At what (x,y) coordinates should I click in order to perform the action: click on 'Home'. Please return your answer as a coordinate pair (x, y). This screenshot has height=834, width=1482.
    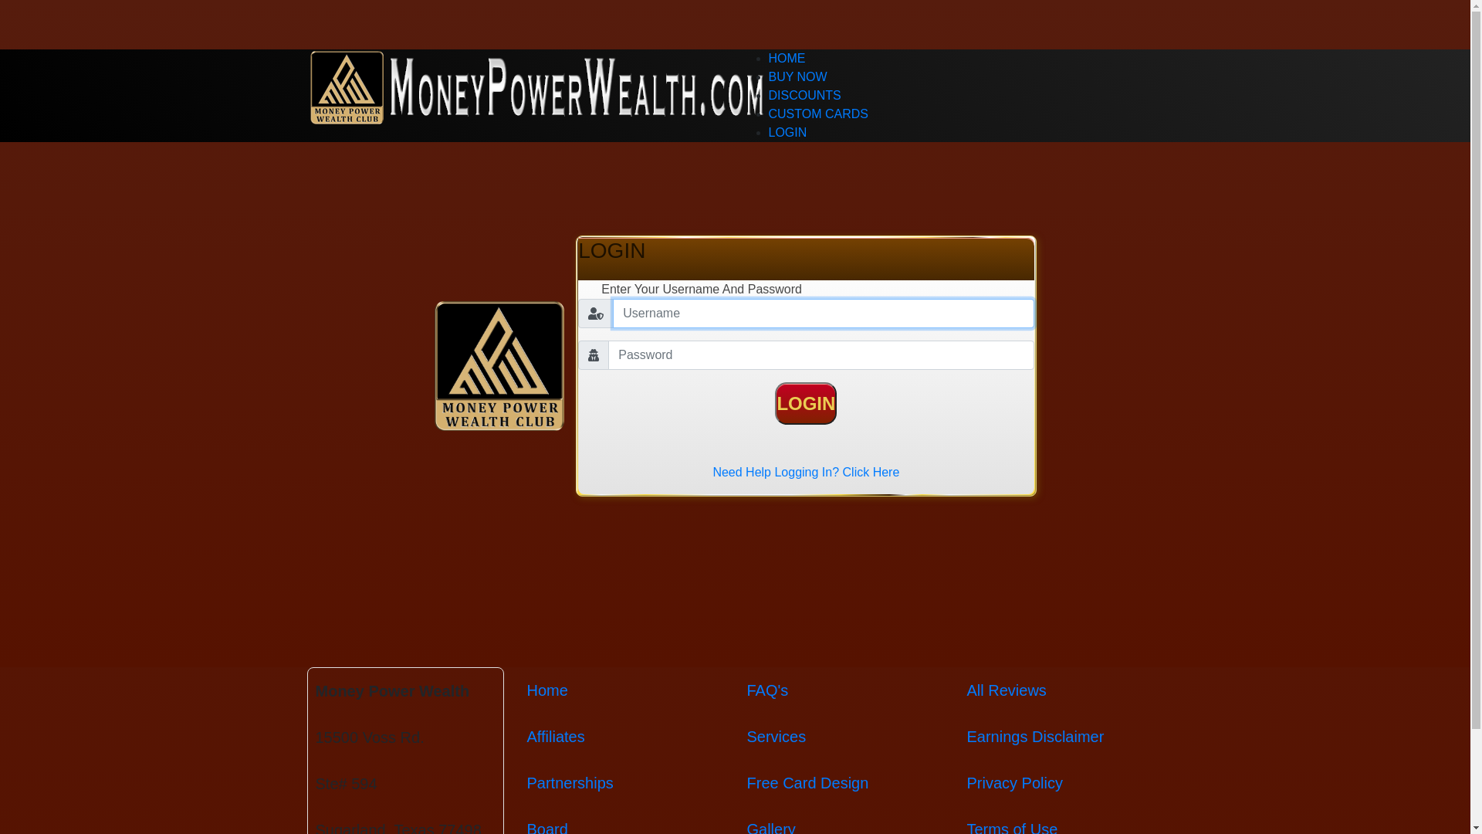
    Looking at the image, I should click on (546, 690).